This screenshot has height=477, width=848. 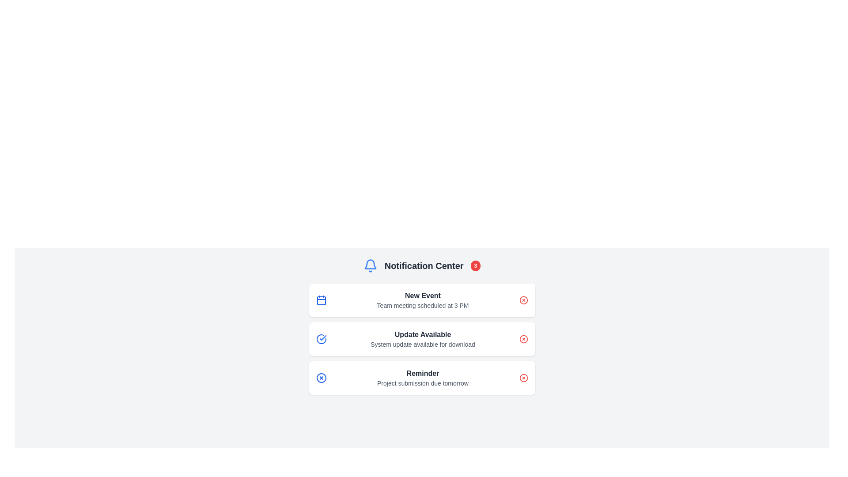 What do you see at coordinates (421, 265) in the screenshot?
I see `the Notification Center header element, which indicates the purpose of the section and shows the number of unread notifications` at bounding box center [421, 265].